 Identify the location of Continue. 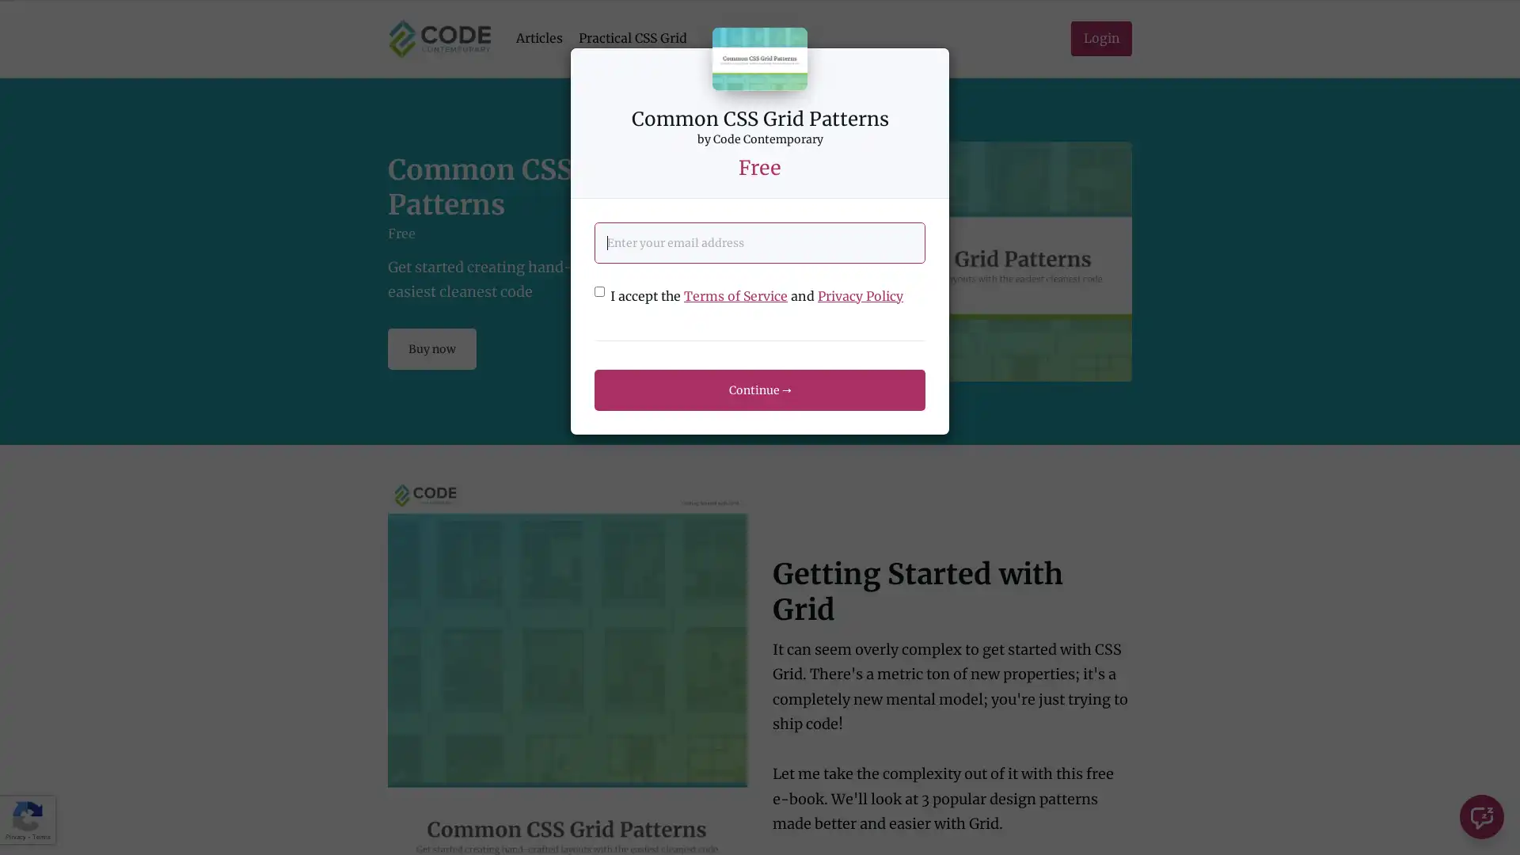
(760, 389).